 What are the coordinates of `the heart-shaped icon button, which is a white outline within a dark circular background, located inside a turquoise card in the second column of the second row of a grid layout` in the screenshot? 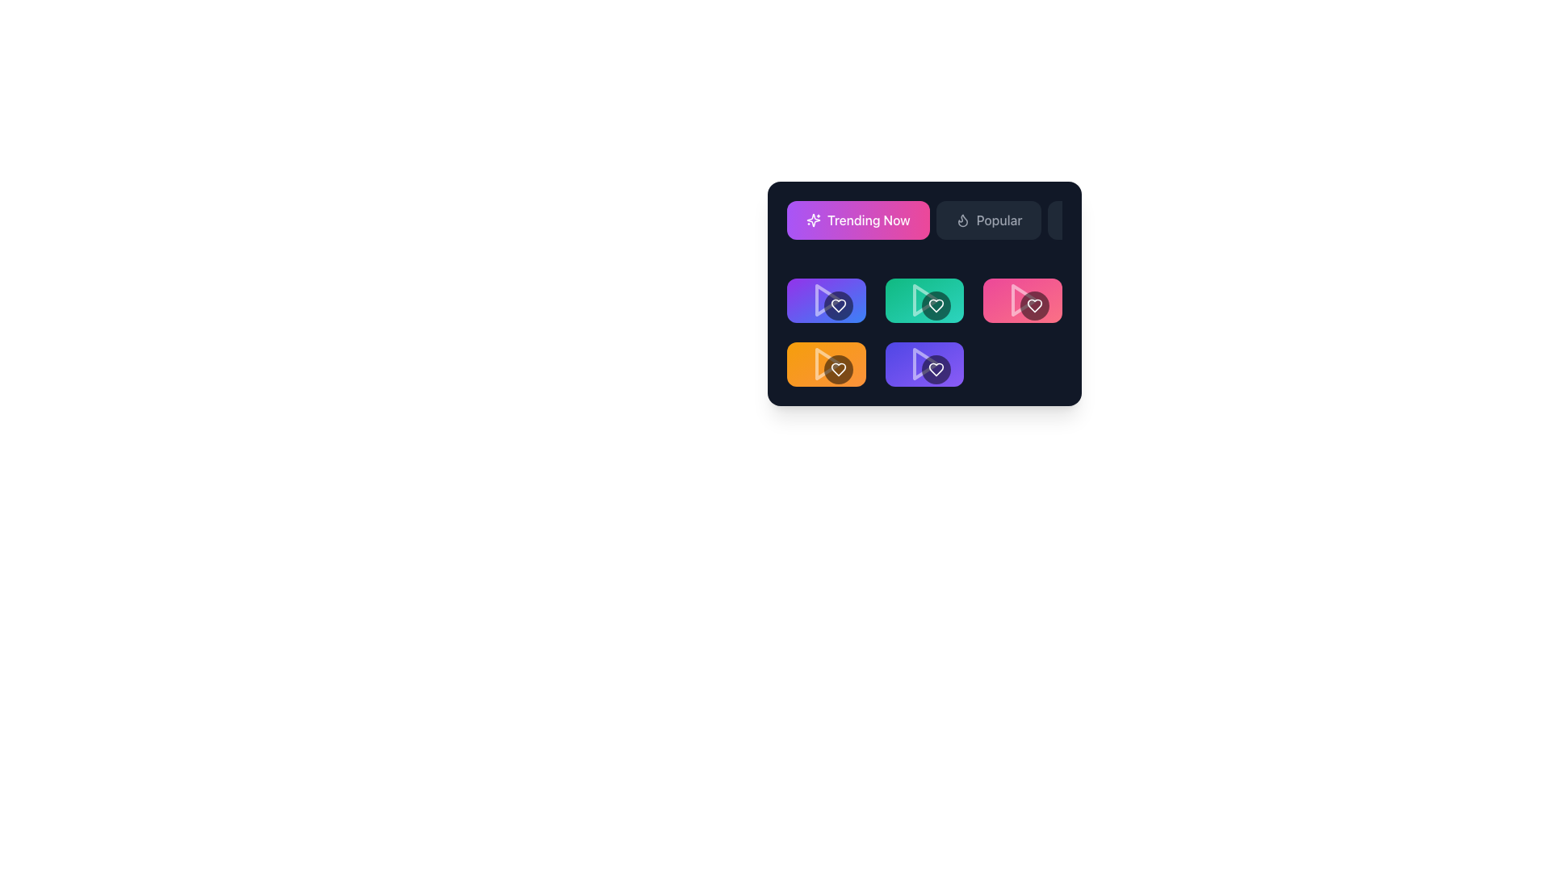 It's located at (936, 305).